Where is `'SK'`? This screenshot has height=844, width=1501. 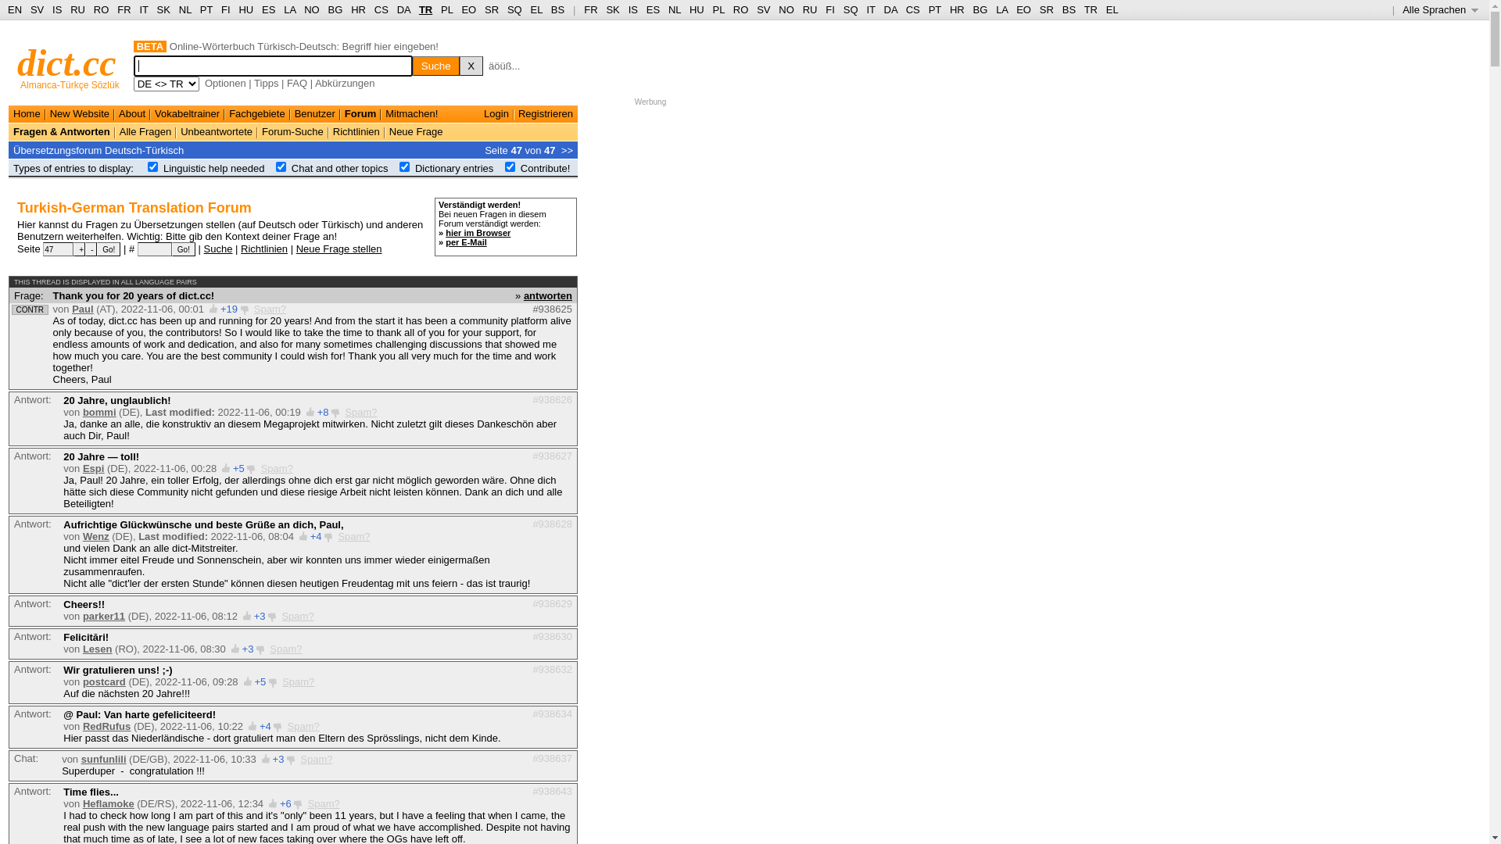 'SK' is located at coordinates (157, 9).